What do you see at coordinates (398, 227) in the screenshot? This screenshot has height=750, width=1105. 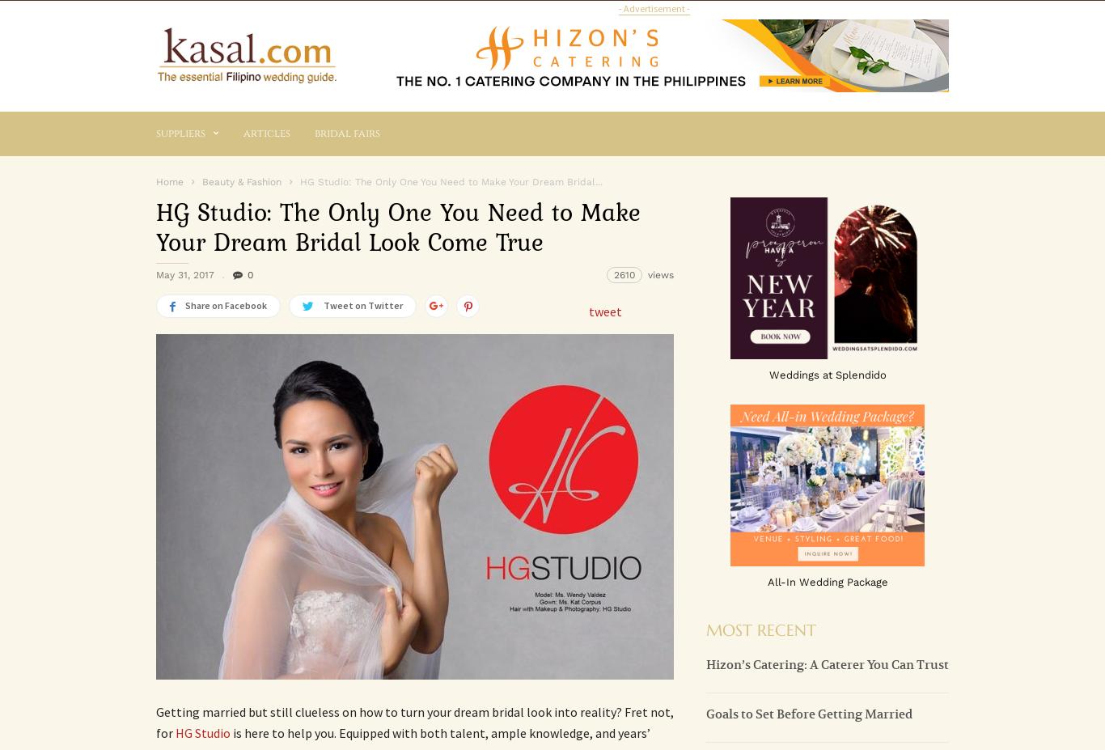 I see `'HG Studio: The Only One You Need to Make Your Dream Bridal Look Come True'` at bounding box center [398, 227].